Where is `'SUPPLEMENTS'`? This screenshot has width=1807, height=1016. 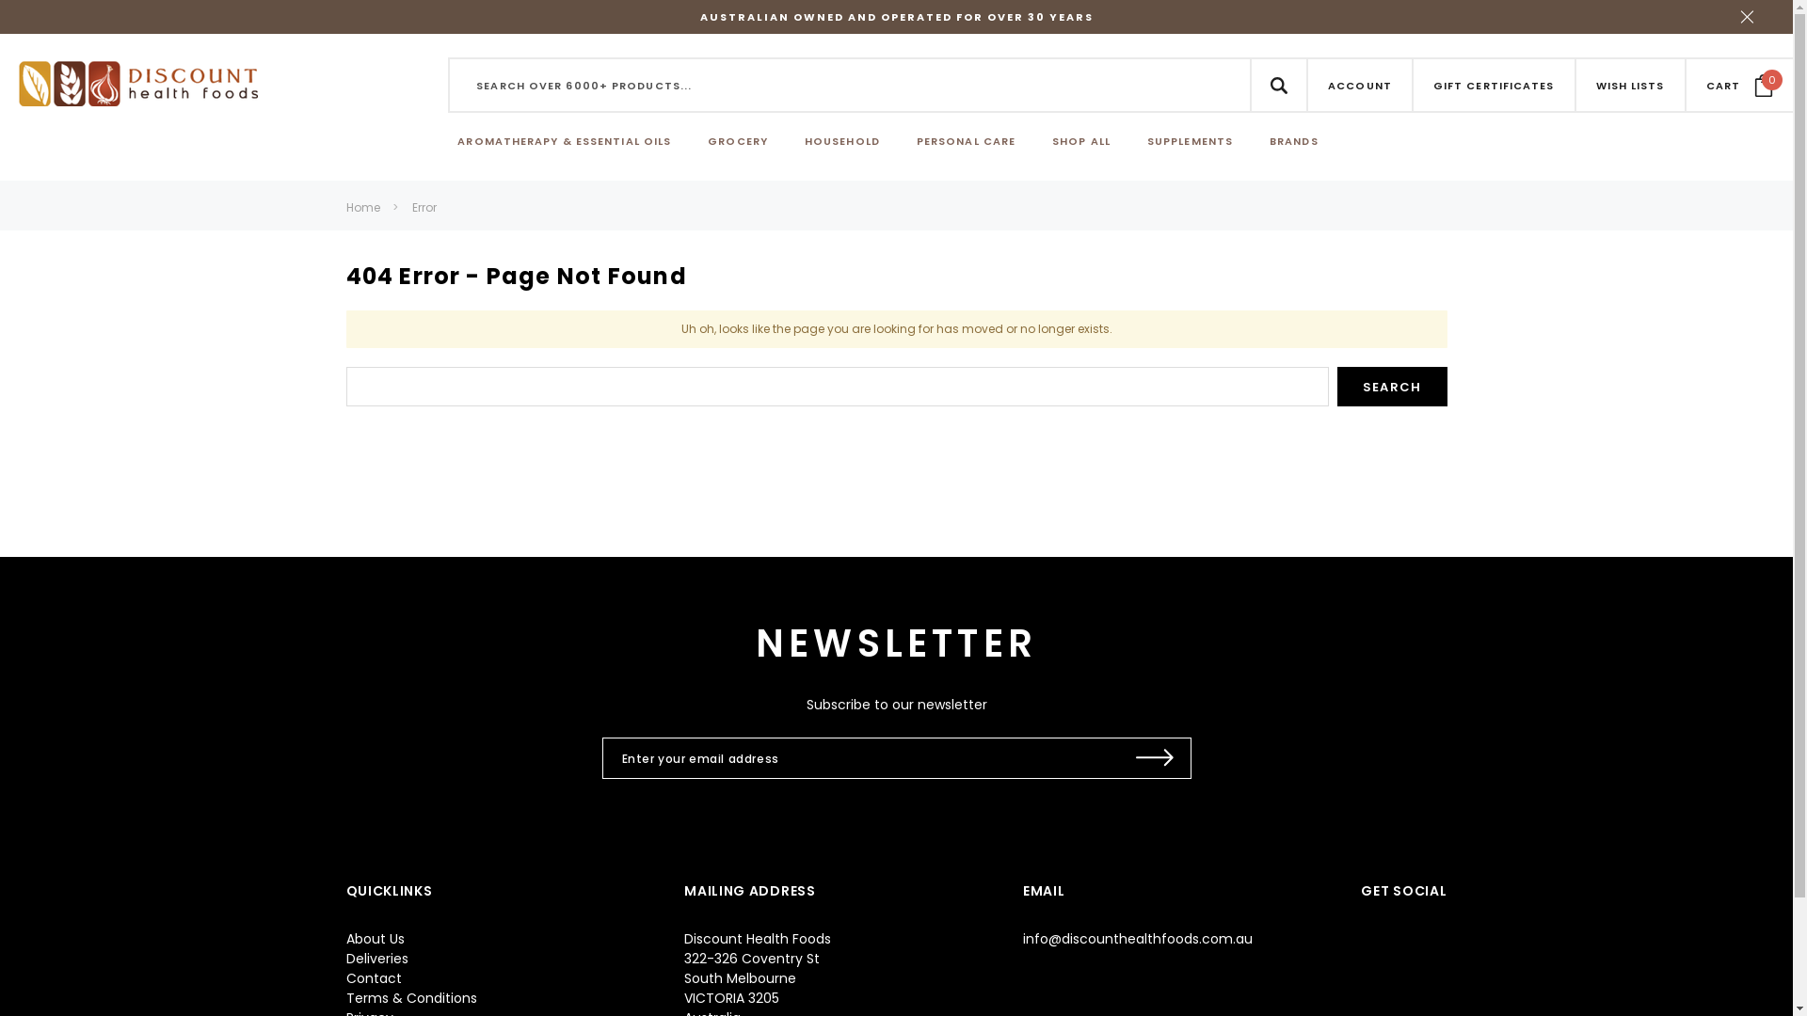
'SUPPLEMENTS' is located at coordinates (1189, 140).